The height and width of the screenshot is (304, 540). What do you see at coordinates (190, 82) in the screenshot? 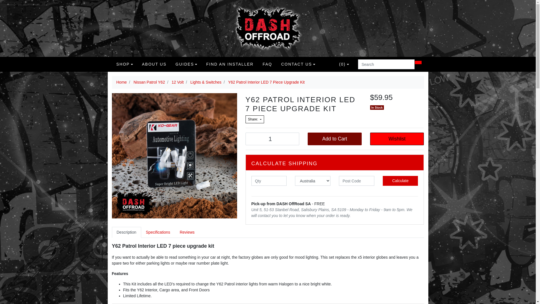
I see `'Lights & Switches'` at bounding box center [190, 82].